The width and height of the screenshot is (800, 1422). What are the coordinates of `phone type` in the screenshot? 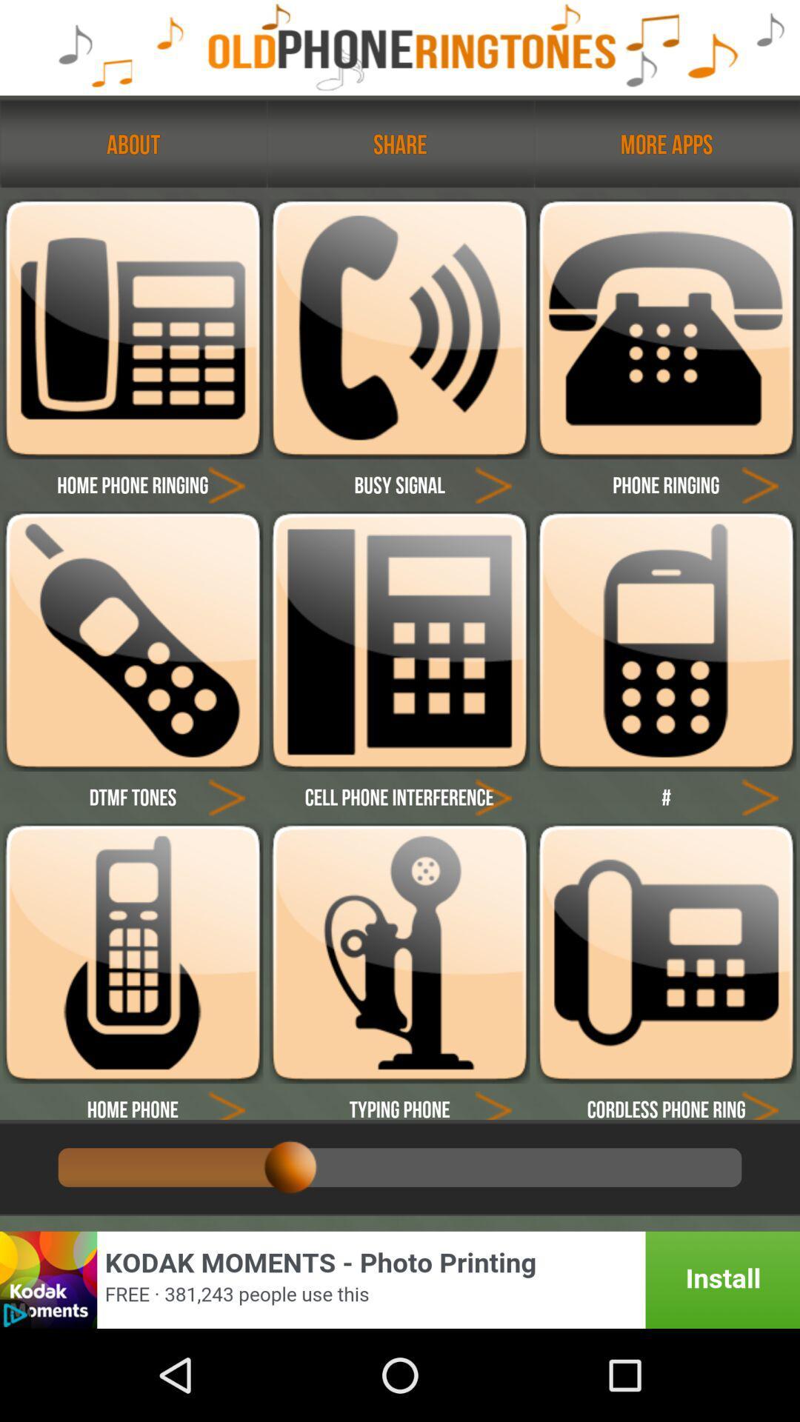 It's located at (227, 1101).